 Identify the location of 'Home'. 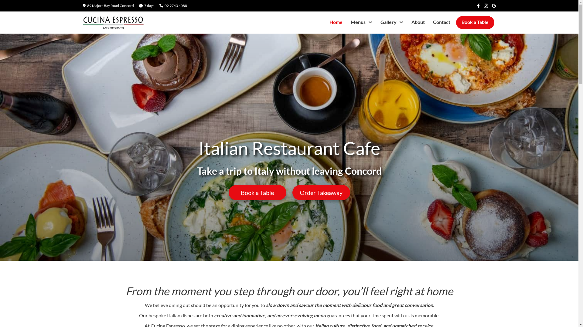
(335, 22).